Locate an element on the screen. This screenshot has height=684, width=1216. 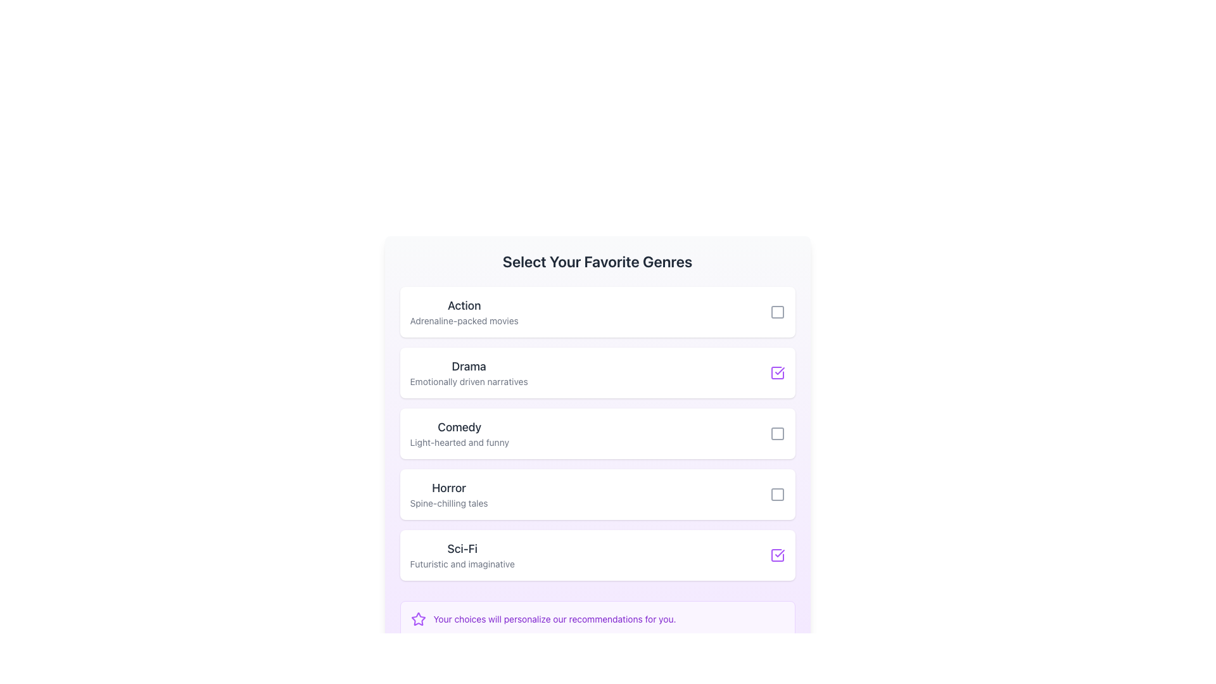
the 'Sci-Fi' genre label, which is the fifth item in the vertical list of genres, positioned below 'Horror' and above the description 'Futuristic and imaginative' is located at coordinates (462, 548).